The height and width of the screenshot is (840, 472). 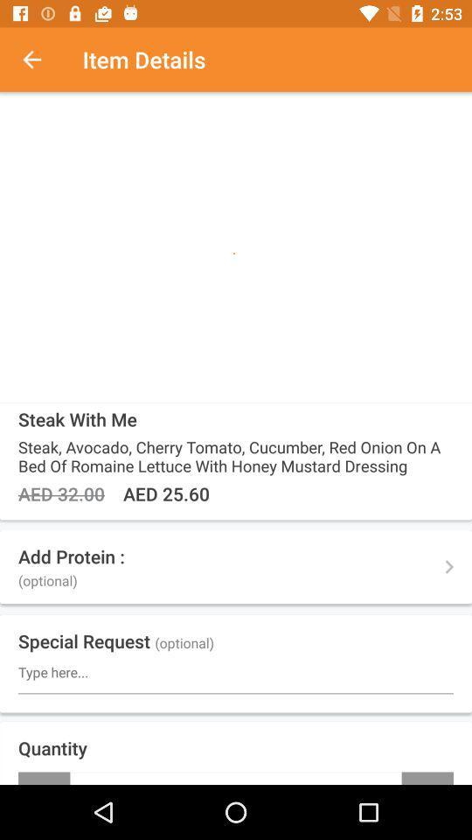 I want to click on the item at the top left corner, so click(x=41, y=59).